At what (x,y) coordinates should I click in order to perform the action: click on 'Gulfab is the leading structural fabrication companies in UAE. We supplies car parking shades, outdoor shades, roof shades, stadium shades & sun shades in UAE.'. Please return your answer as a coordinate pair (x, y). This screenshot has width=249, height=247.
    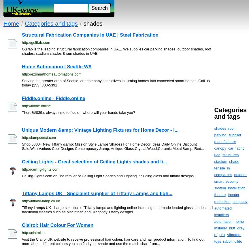
    Looking at the image, I should click on (116, 51).